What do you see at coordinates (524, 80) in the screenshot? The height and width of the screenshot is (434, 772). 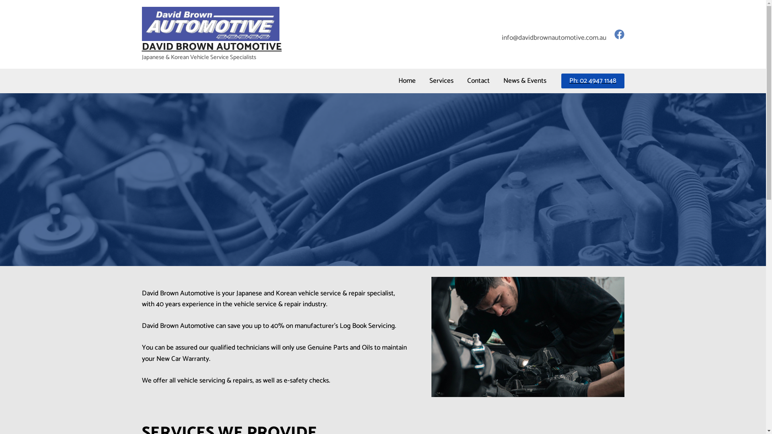 I see `'News & Events'` at bounding box center [524, 80].